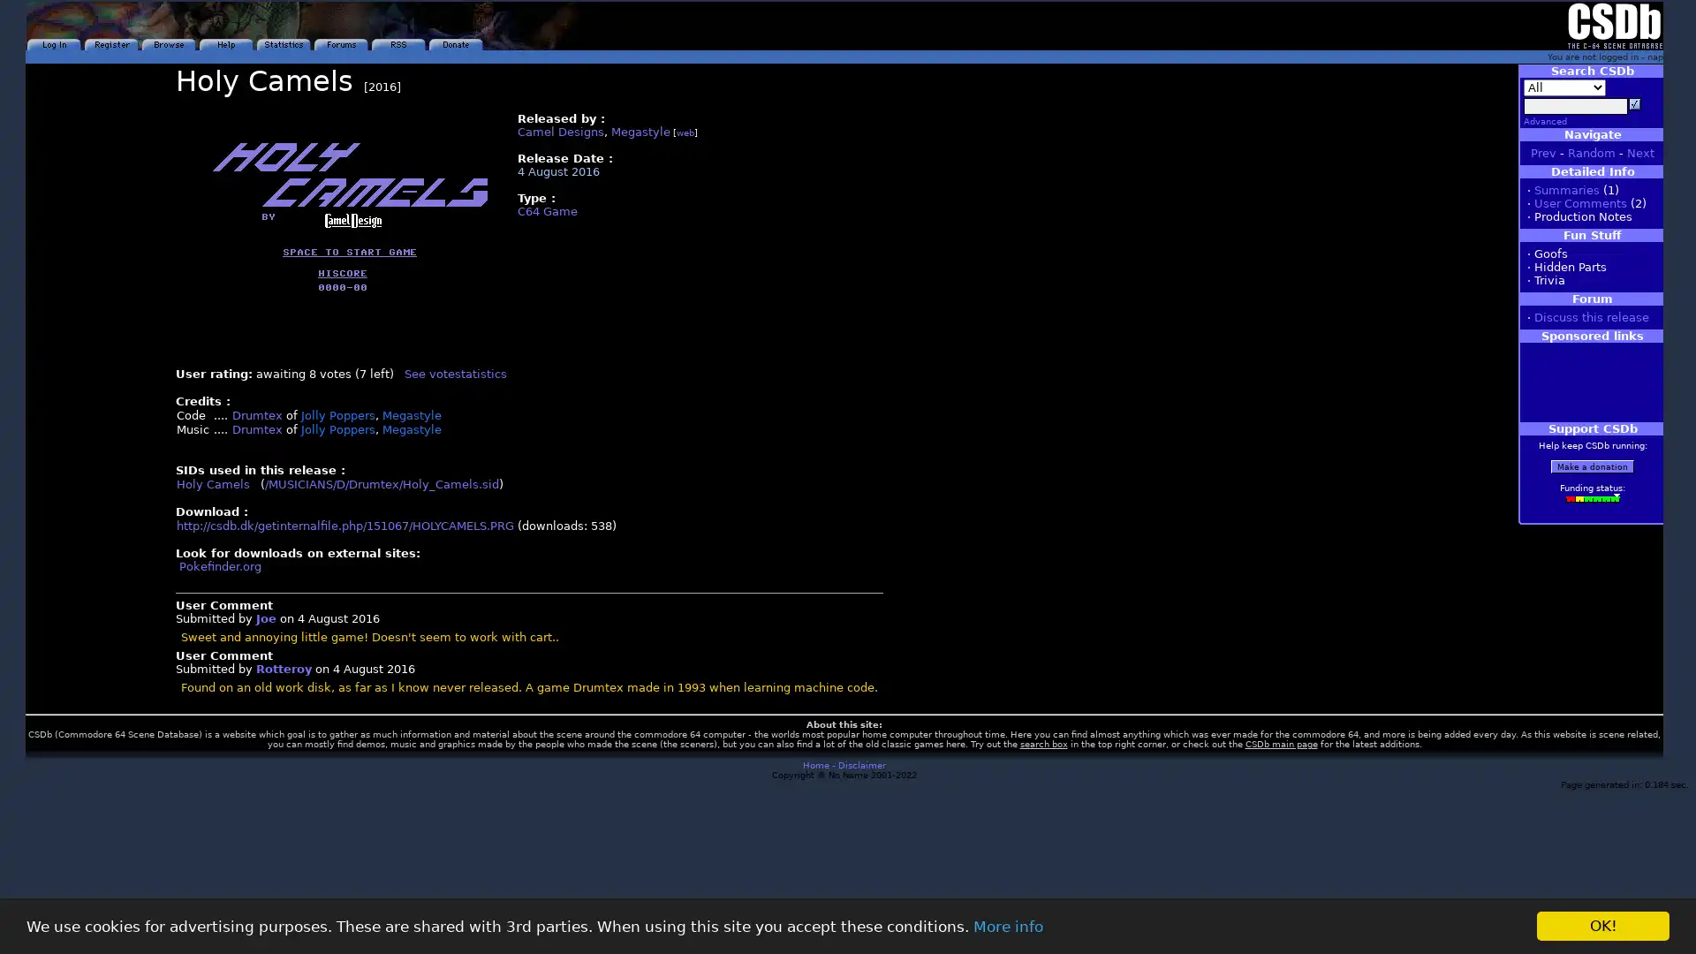 This screenshot has width=1696, height=954. What do you see at coordinates (1593, 466) in the screenshot?
I see `Make a donation` at bounding box center [1593, 466].